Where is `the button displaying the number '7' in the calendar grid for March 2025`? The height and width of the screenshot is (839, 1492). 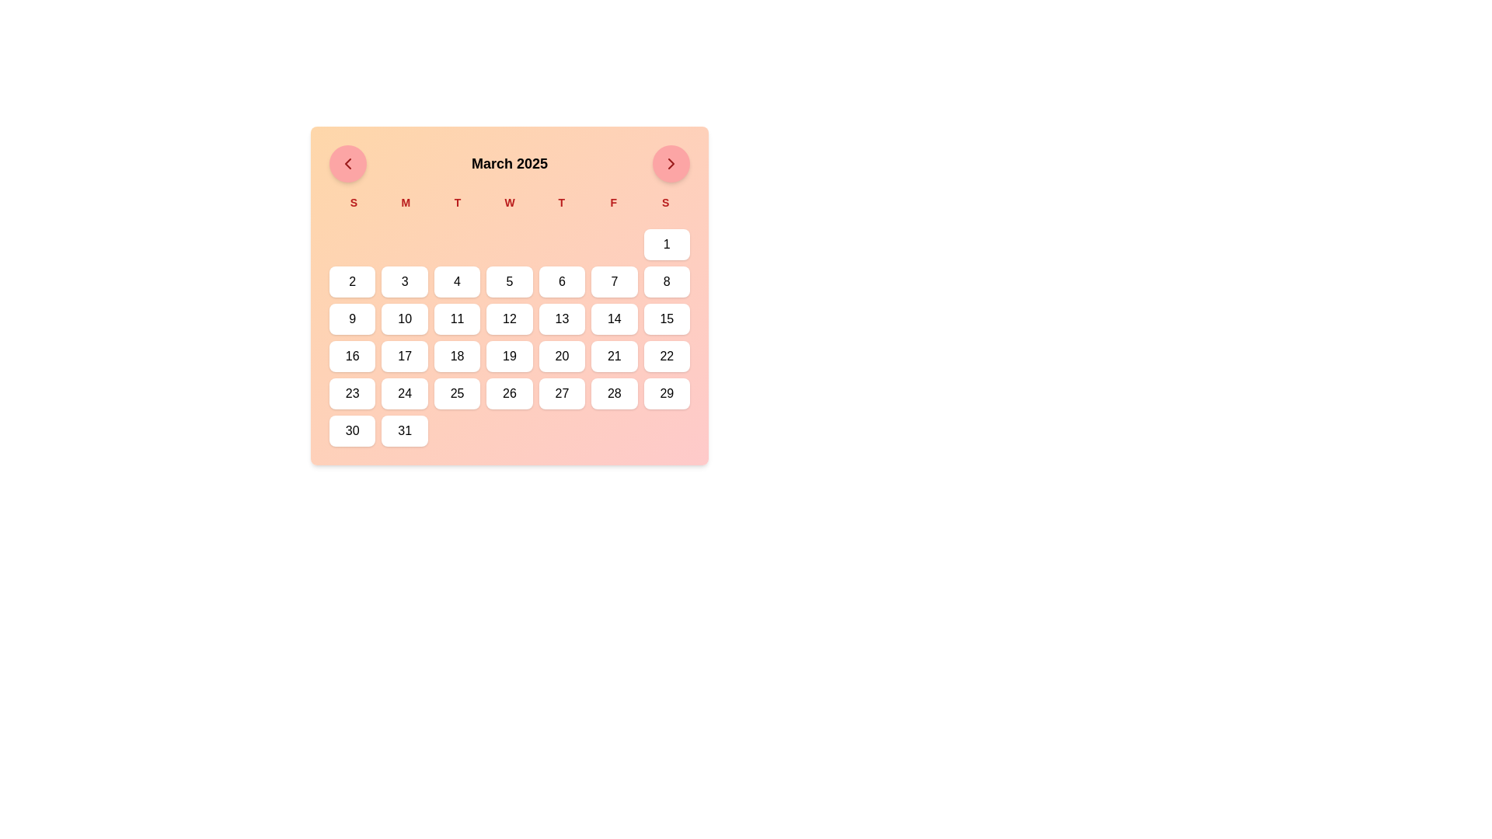 the button displaying the number '7' in the calendar grid for March 2025 is located at coordinates (613, 281).